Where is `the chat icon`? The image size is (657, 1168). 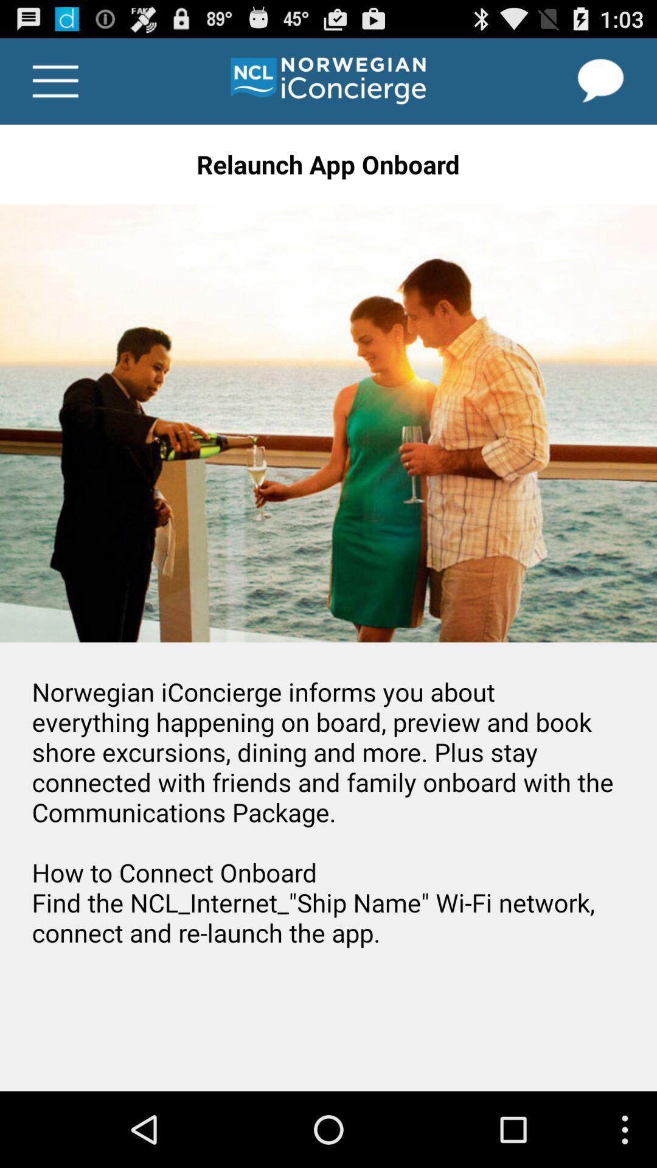 the chat icon is located at coordinates (600, 86).